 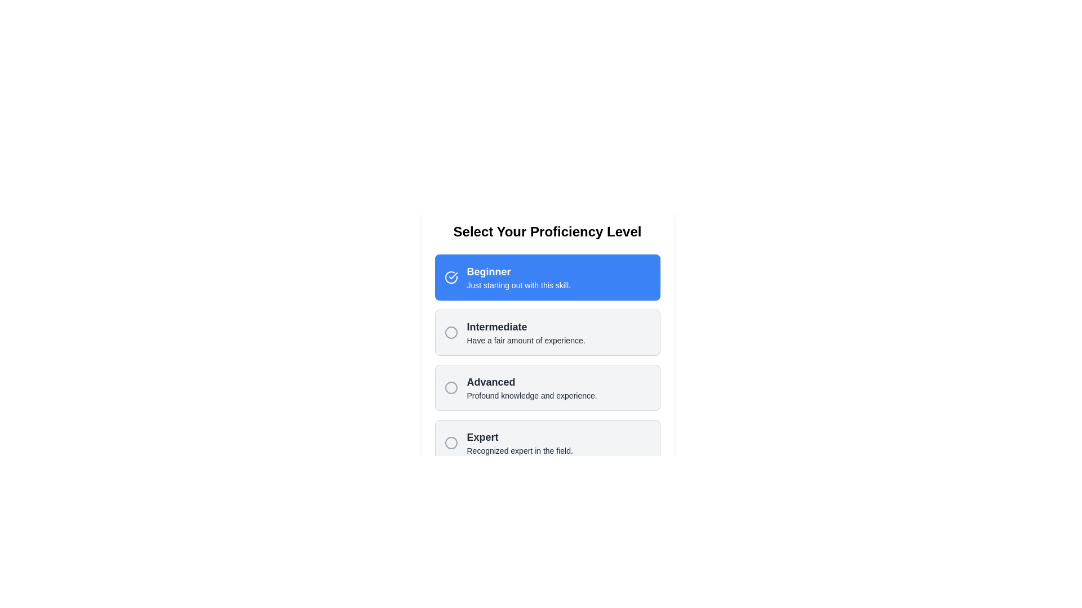 I want to click on the Circle SVG element representing the 'Expert' proficiency level option in the selection interface, so click(x=451, y=442).